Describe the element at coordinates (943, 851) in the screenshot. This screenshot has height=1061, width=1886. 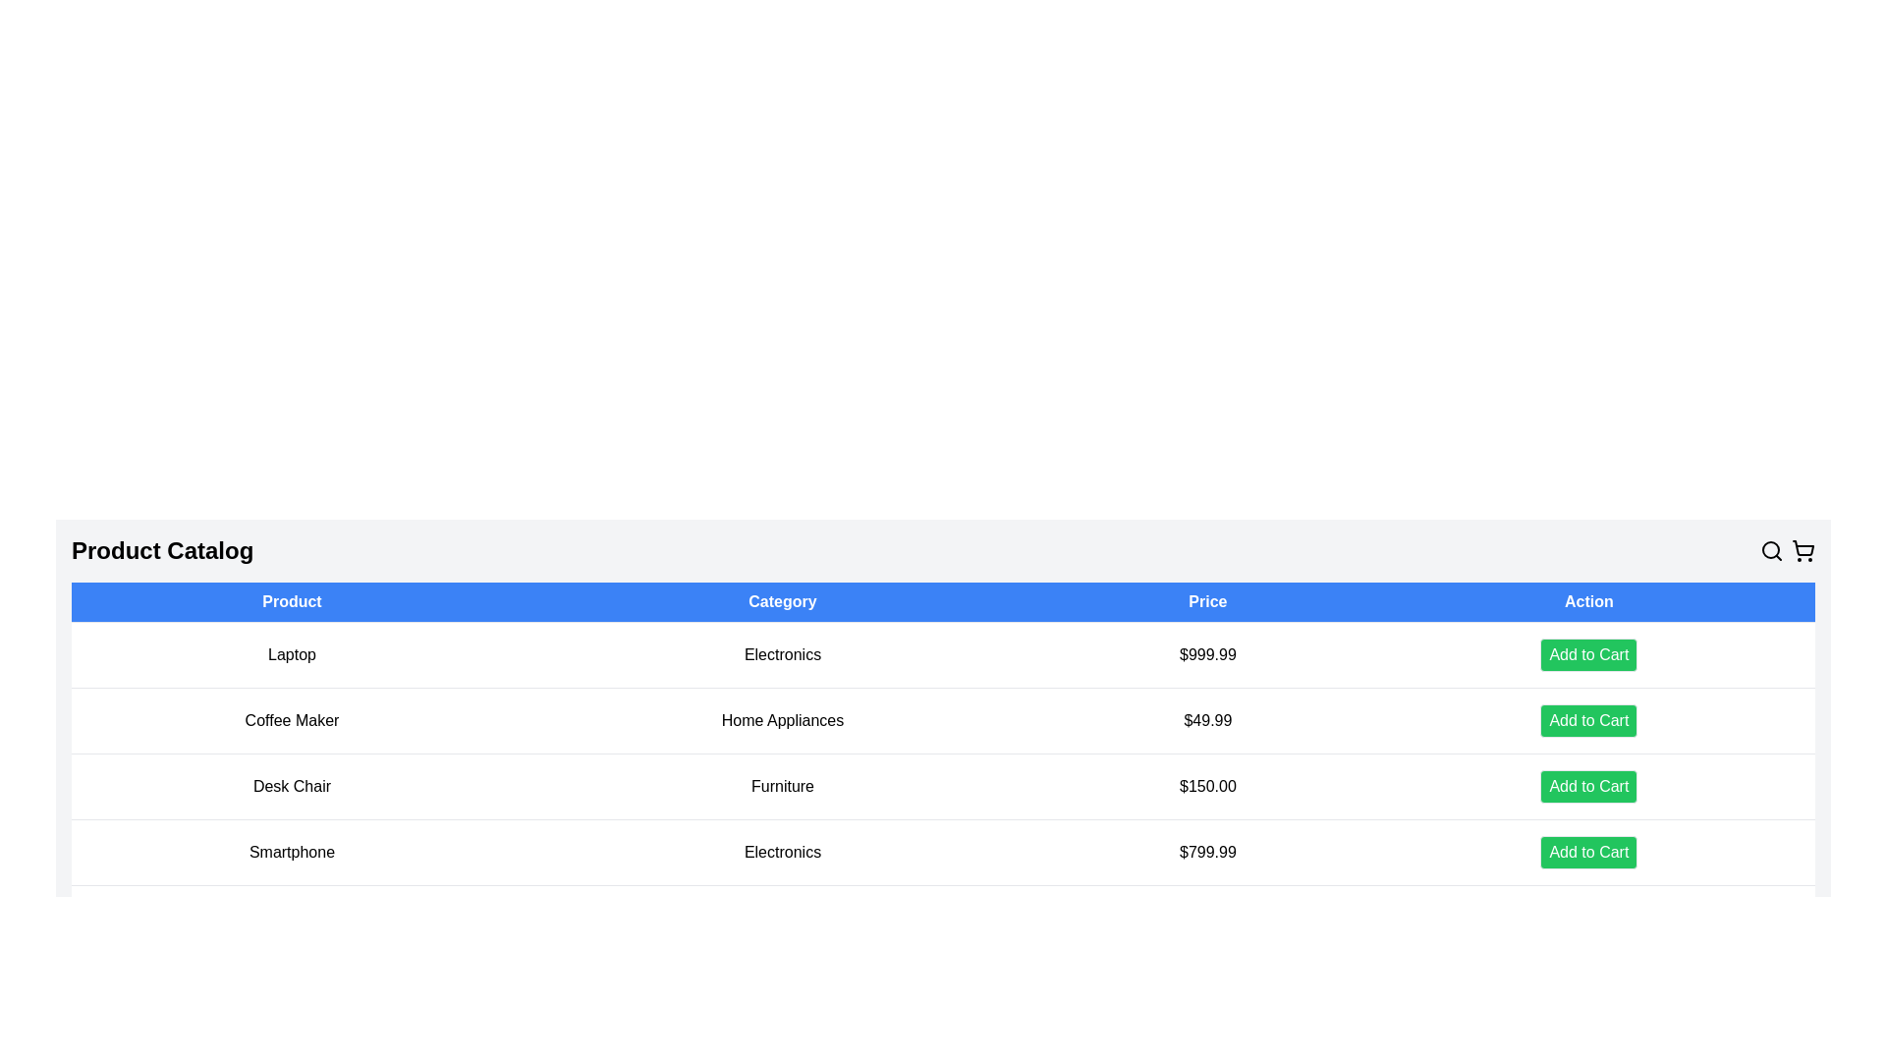
I see `details of the product from the fourth row of the product catalog, which includes product name, category, price, and has an actionable button to add to the shopping cart` at that location.